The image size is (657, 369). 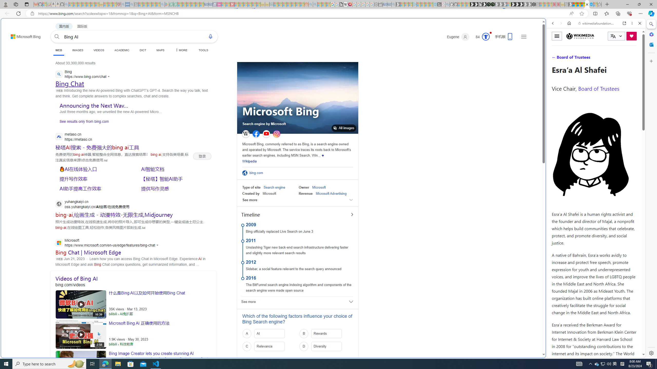 What do you see at coordinates (219, 4) in the screenshot?
I see `'Jobs - lastminute.com Investor Portal - Sleeping'` at bounding box center [219, 4].